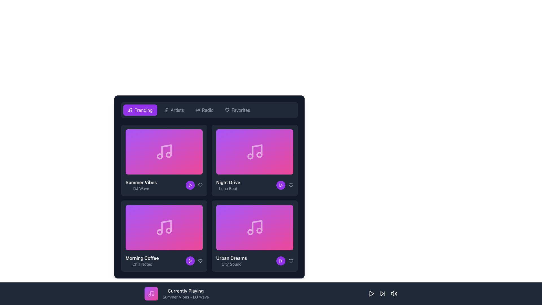 The height and width of the screenshot is (305, 542). Describe the element at coordinates (250, 232) in the screenshot. I see `the small circular shape located within the music icon, which is part of the card labeled 'Urban Dreams' in the bottom right of the grid` at that location.